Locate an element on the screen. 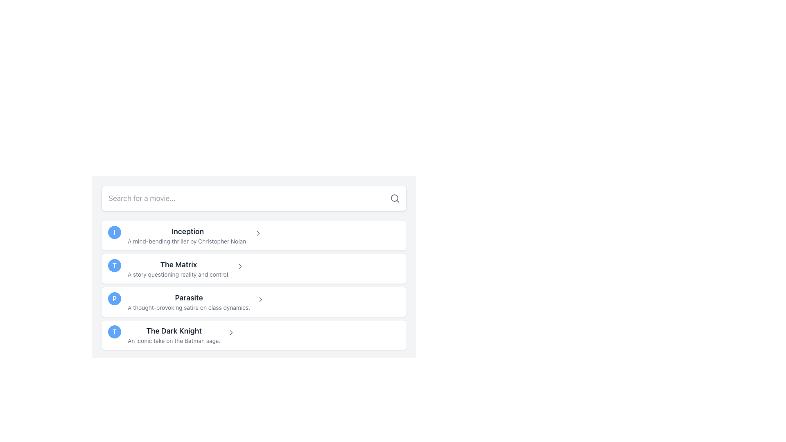  information displayed in the Text with Title and Description for the movie 'Parasite', which is located in the third list item of the movie entries is located at coordinates (188, 302).